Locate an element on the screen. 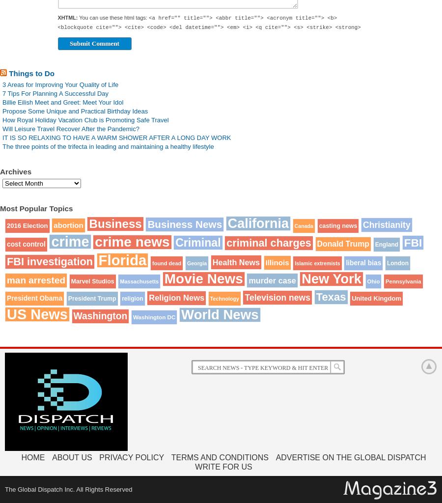 The image size is (442, 503). 'Washington DC' is located at coordinates (132, 316).